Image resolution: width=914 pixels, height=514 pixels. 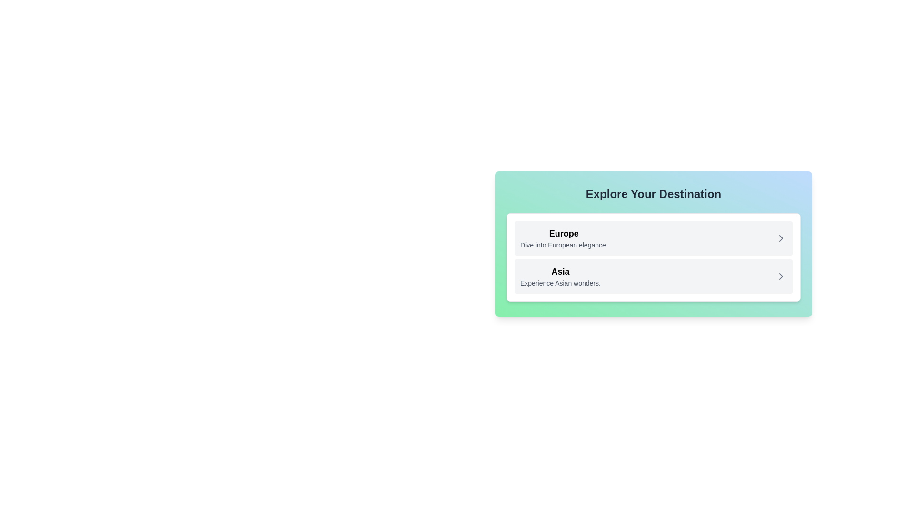 I want to click on the destination selection text block for 'Asia' located below the 'Europe' option within the 'Explore Your Destination' card, so click(x=560, y=277).